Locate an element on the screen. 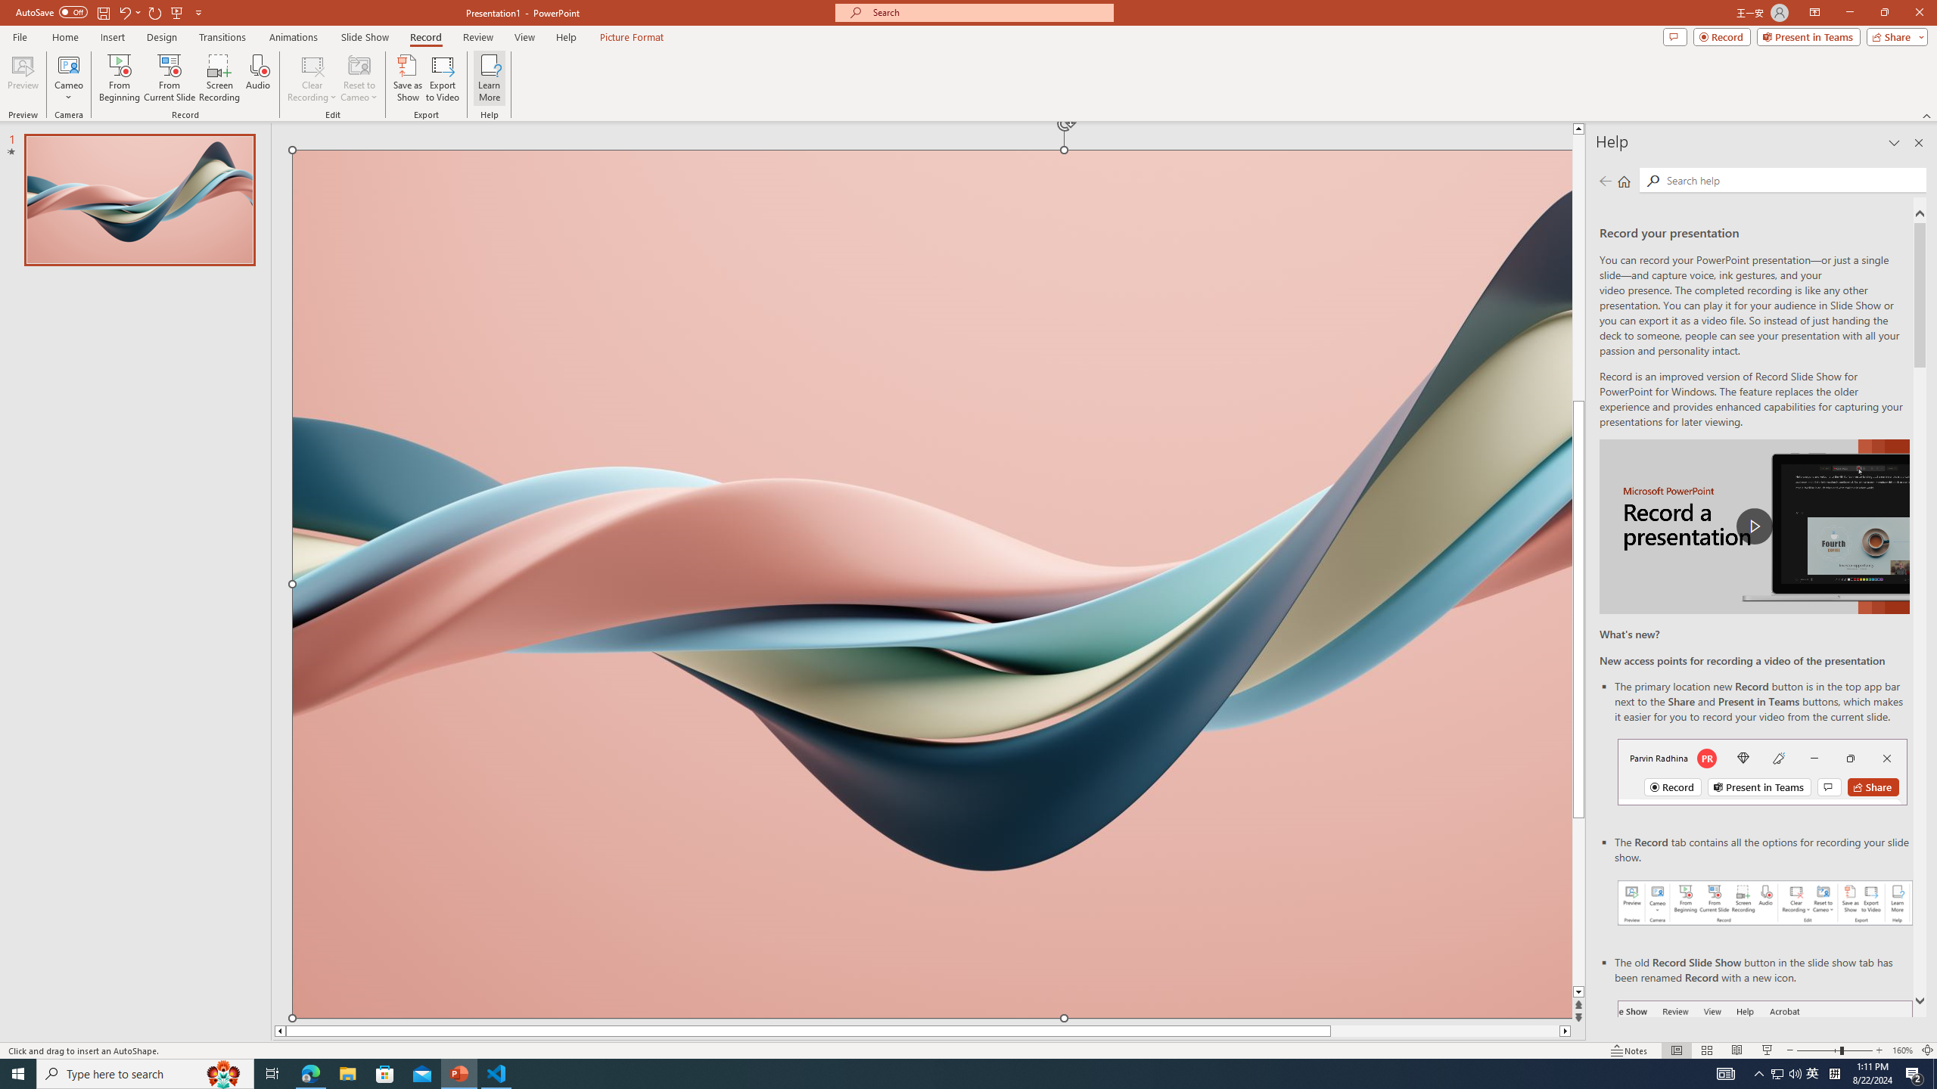 Image resolution: width=1937 pixels, height=1089 pixels. 'Audio' is located at coordinates (257, 78).